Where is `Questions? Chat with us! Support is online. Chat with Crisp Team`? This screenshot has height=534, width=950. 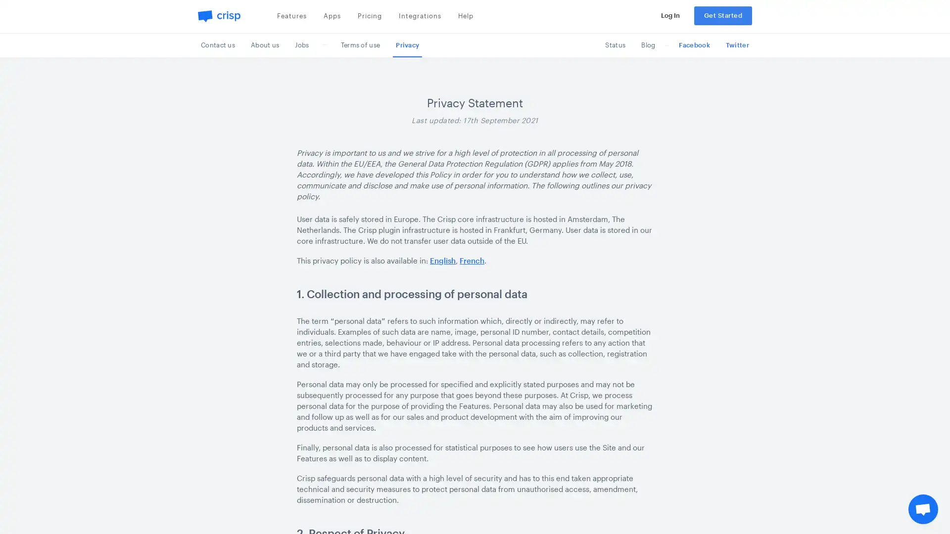
Questions? Chat with us! Support is online. Chat with Crisp Team is located at coordinates (923, 509).